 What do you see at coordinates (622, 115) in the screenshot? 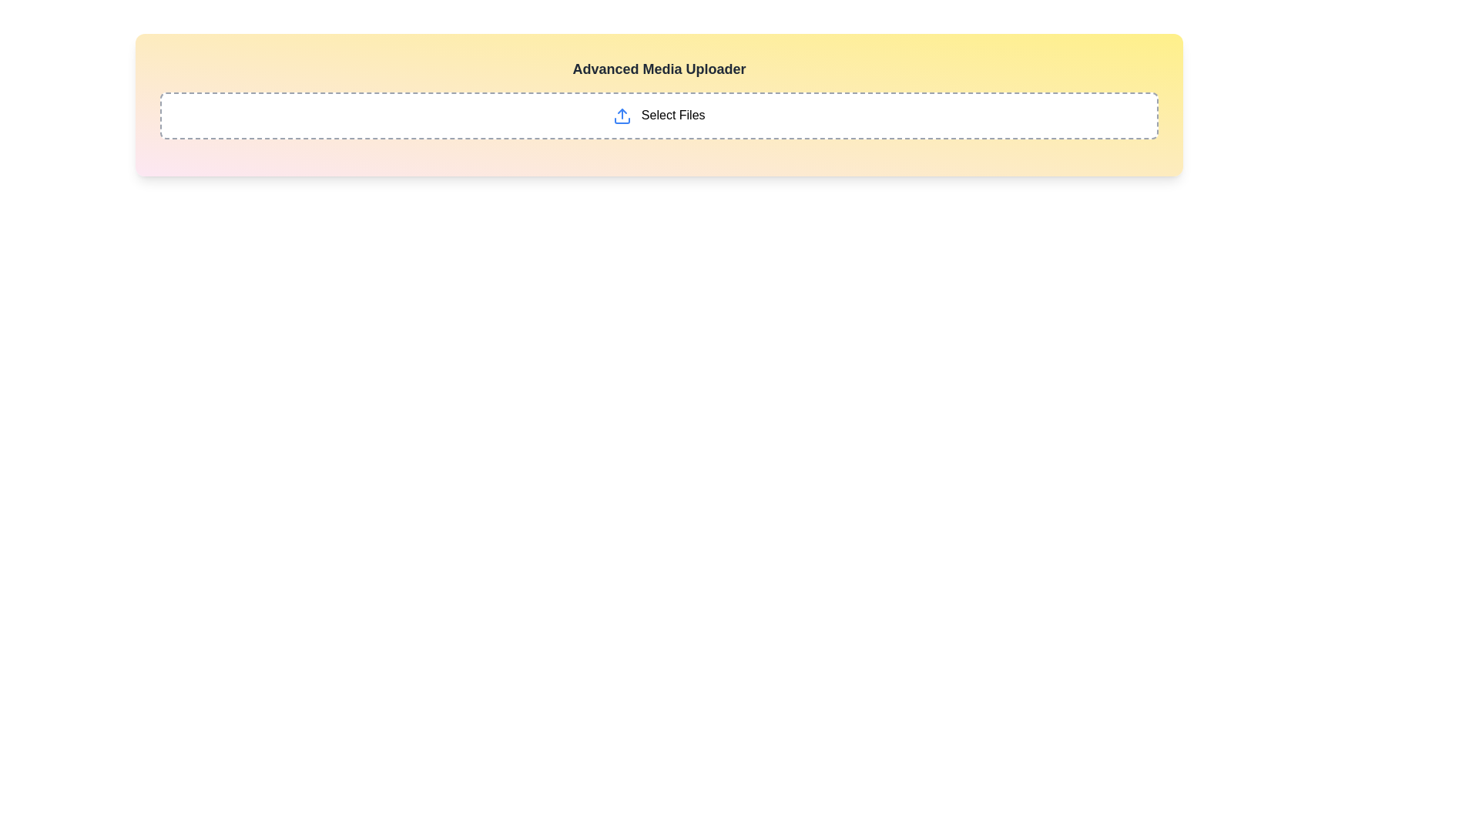
I see `the SVG icon representing an upload action, which has a blue outline and is positioned to the left of the 'Select Files' text` at bounding box center [622, 115].